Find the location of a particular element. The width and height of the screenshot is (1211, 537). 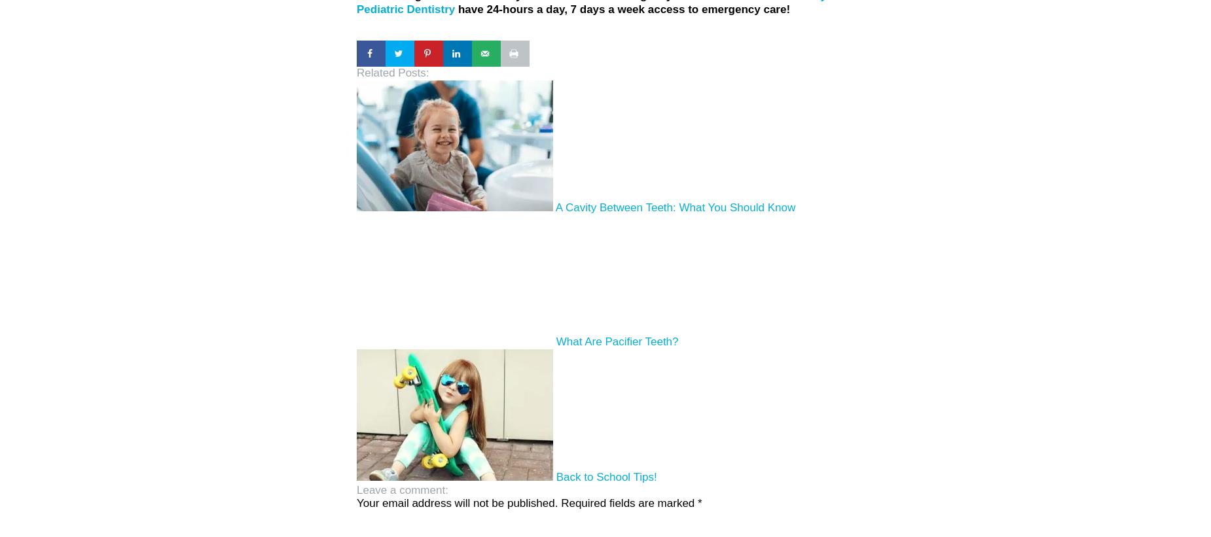

'Leave a comment:' is located at coordinates (419, 453).